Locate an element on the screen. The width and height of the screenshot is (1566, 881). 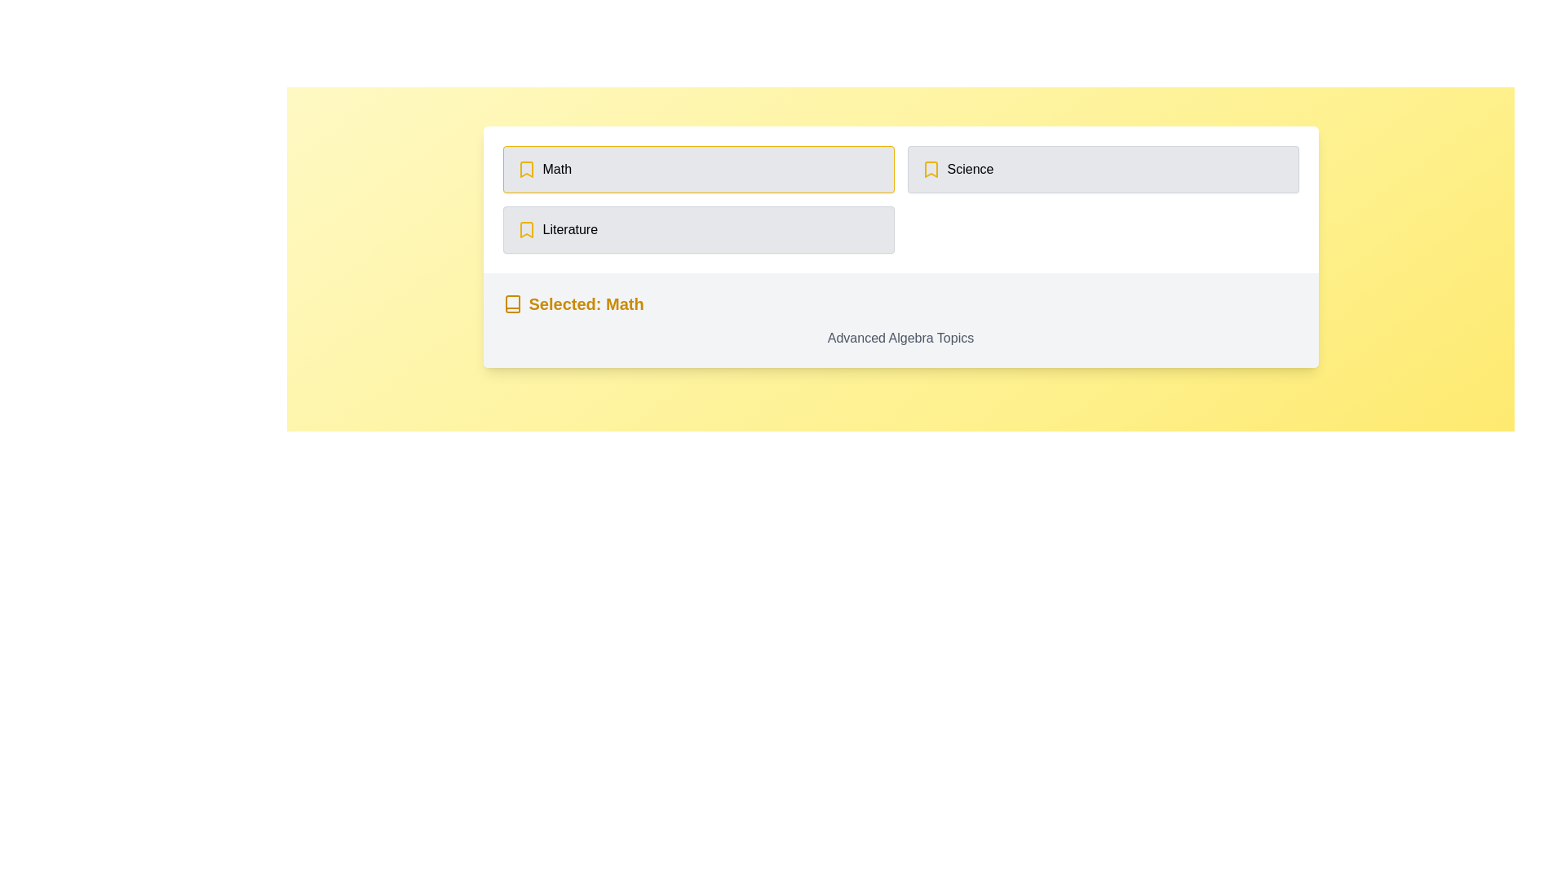
the 'Math' category selectable button to trigger the hover effect is located at coordinates (698, 170).